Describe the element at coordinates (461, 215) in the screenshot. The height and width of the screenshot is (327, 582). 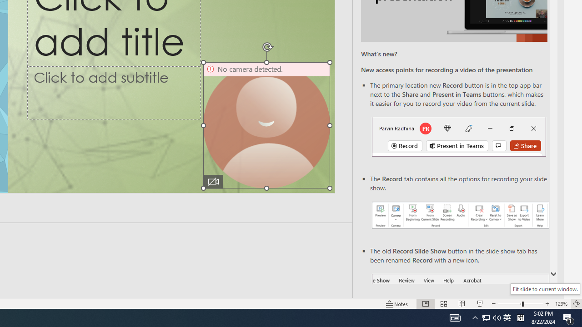
I see `'Record your presentations screenshot one'` at that location.